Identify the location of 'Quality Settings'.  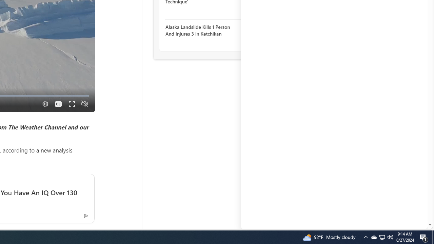
(44, 104).